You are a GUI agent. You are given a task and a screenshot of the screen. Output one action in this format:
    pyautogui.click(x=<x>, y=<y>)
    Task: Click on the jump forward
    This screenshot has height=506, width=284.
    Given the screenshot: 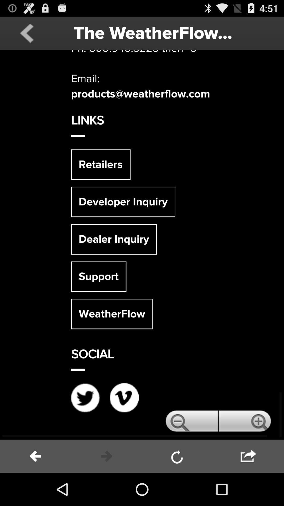 What is the action you would take?
    pyautogui.click(x=248, y=456)
    